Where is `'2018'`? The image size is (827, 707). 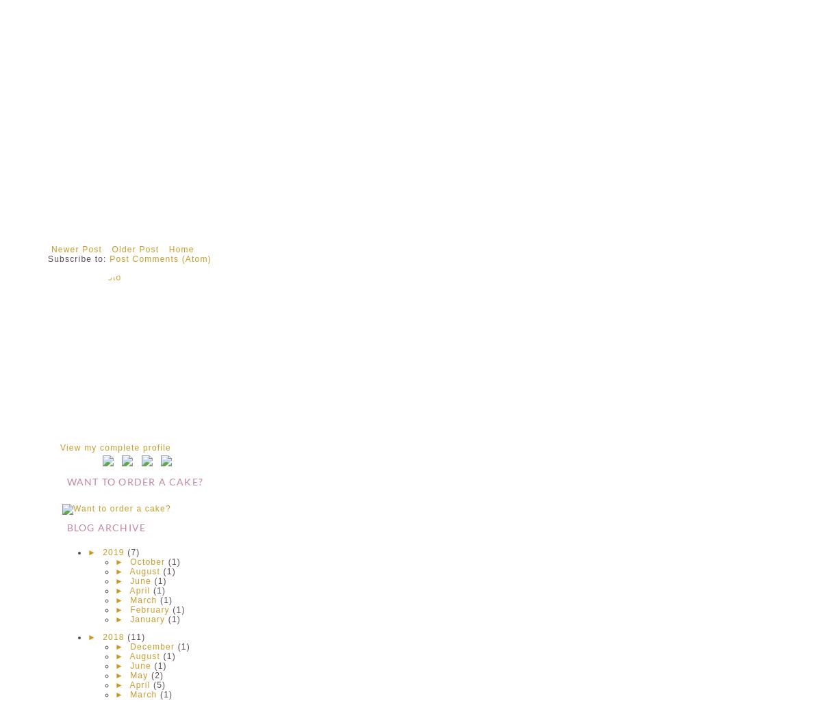
'2018' is located at coordinates (113, 637).